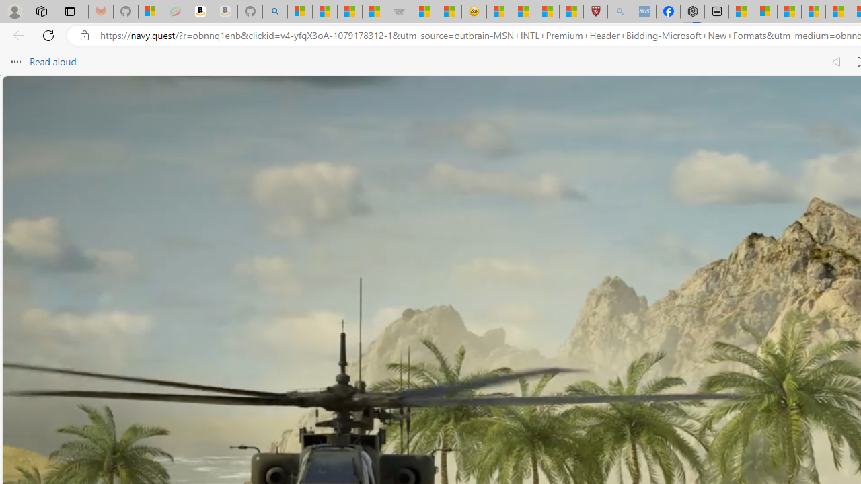  What do you see at coordinates (643, 11) in the screenshot?
I see `'NCL Adult Asthma Inhaler Choice Guideline - Sleeping'` at bounding box center [643, 11].